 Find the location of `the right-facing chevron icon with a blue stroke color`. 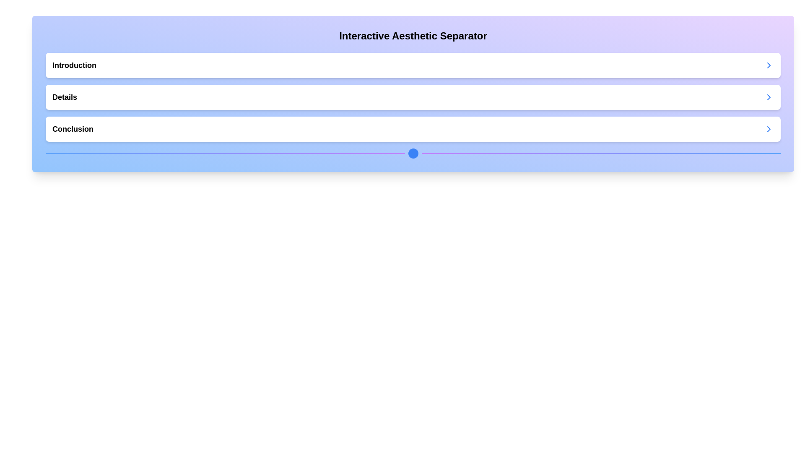

the right-facing chevron icon with a blue stroke color is located at coordinates (769, 129).